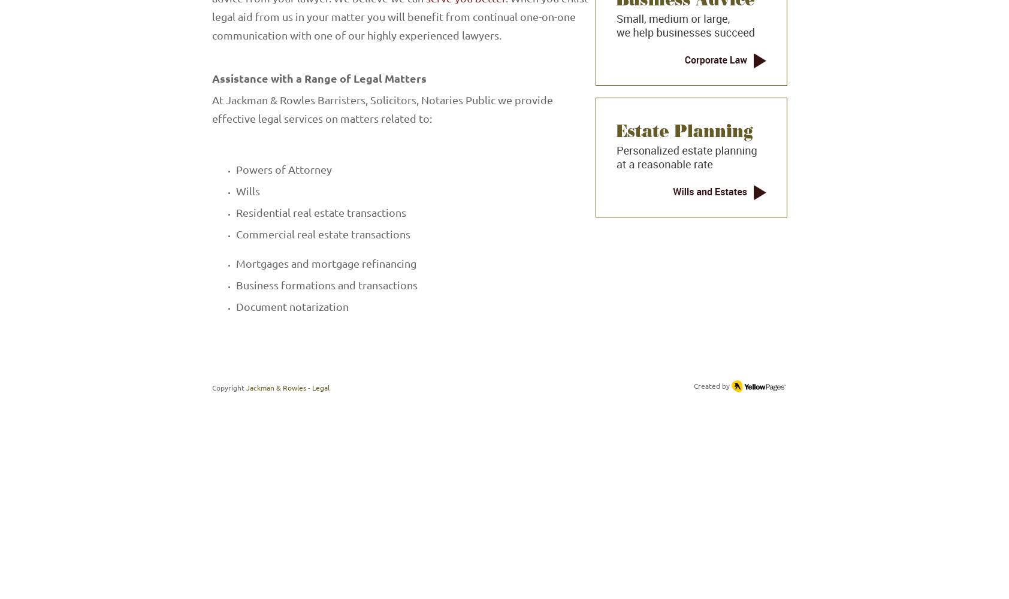 This screenshot has height=599, width=1009. What do you see at coordinates (322, 234) in the screenshot?
I see `'Commercial real estate transactions'` at bounding box center [322, 234].